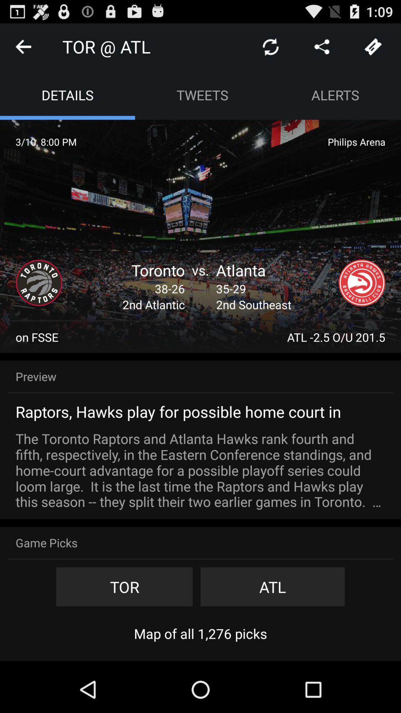  What do you see at coordinates (322, 49) in the screenshot?
I see `the share icon` at bounding box center [322, 49].